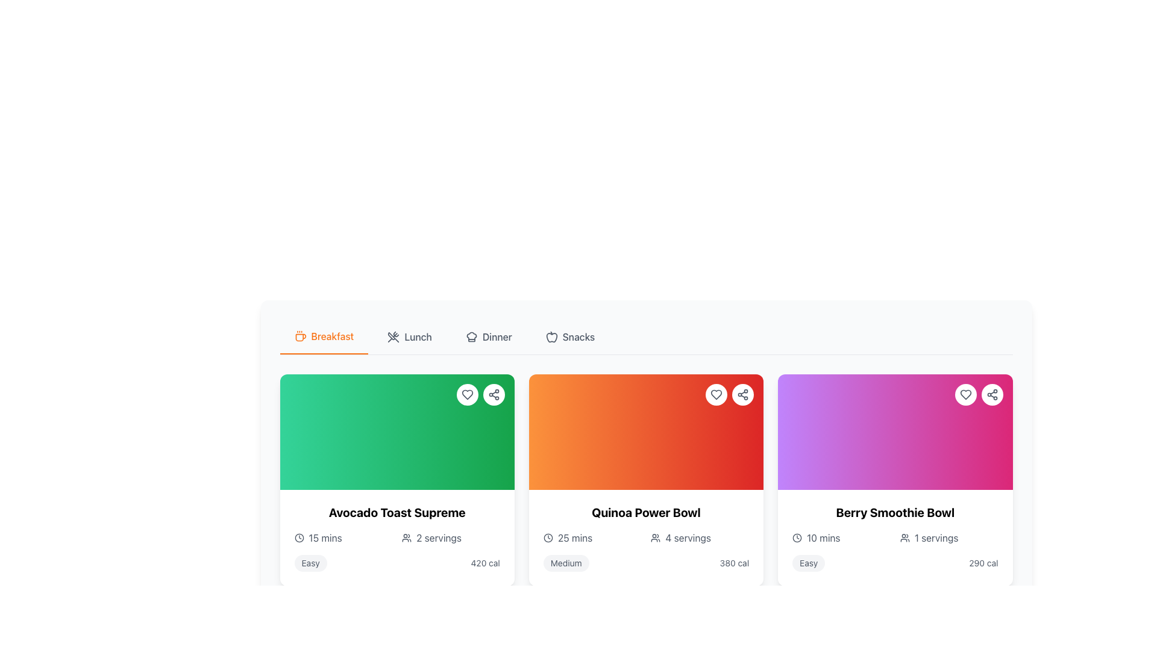  Describe the element at coordinates (397, 513) in the screenshot. I see `the TextDisplay element, which serves as the title for the recipe card, positioned at the top of the group containing cooking time, servings, and calorie information` at that location.